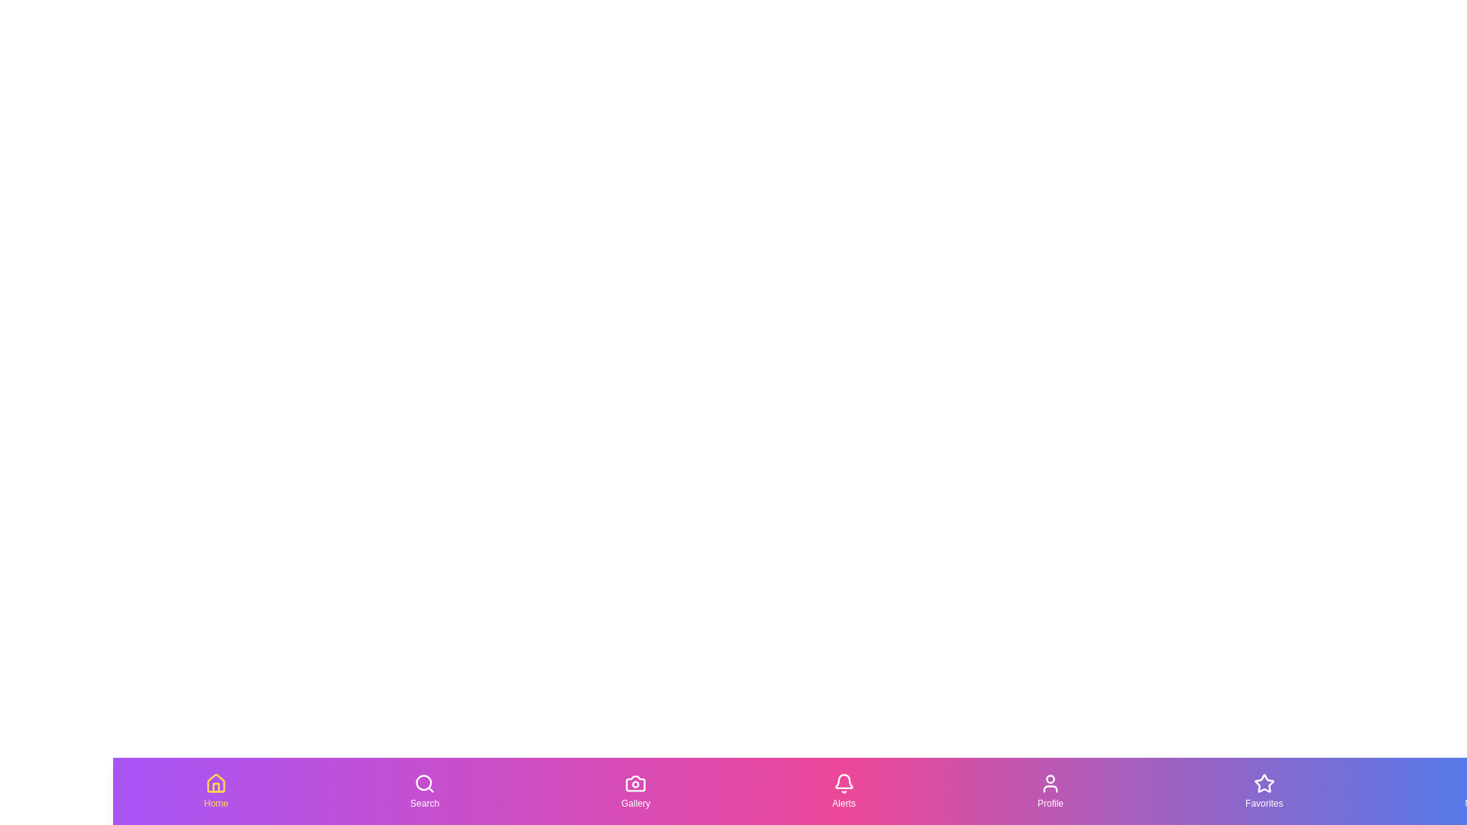 The width and height of the screenshot is (1467, 825). I want to click on the Favorites icon in the bottom navigation bar, so click(1265, 791).